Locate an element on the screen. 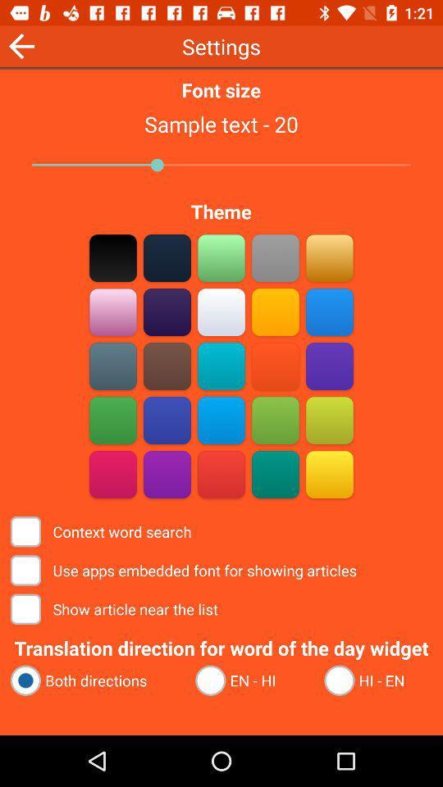  change theme color to purple is located at coordinates (329, 366).